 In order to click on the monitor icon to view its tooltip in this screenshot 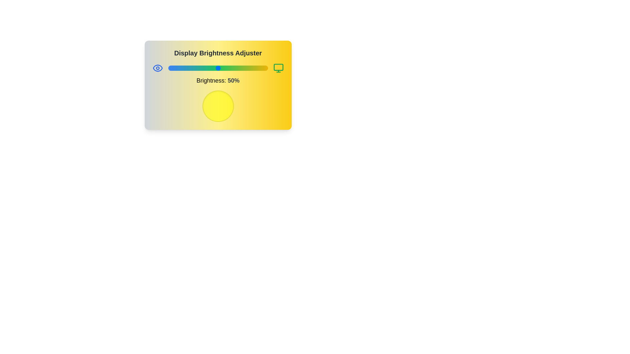, I will do `click(278, 68)`.